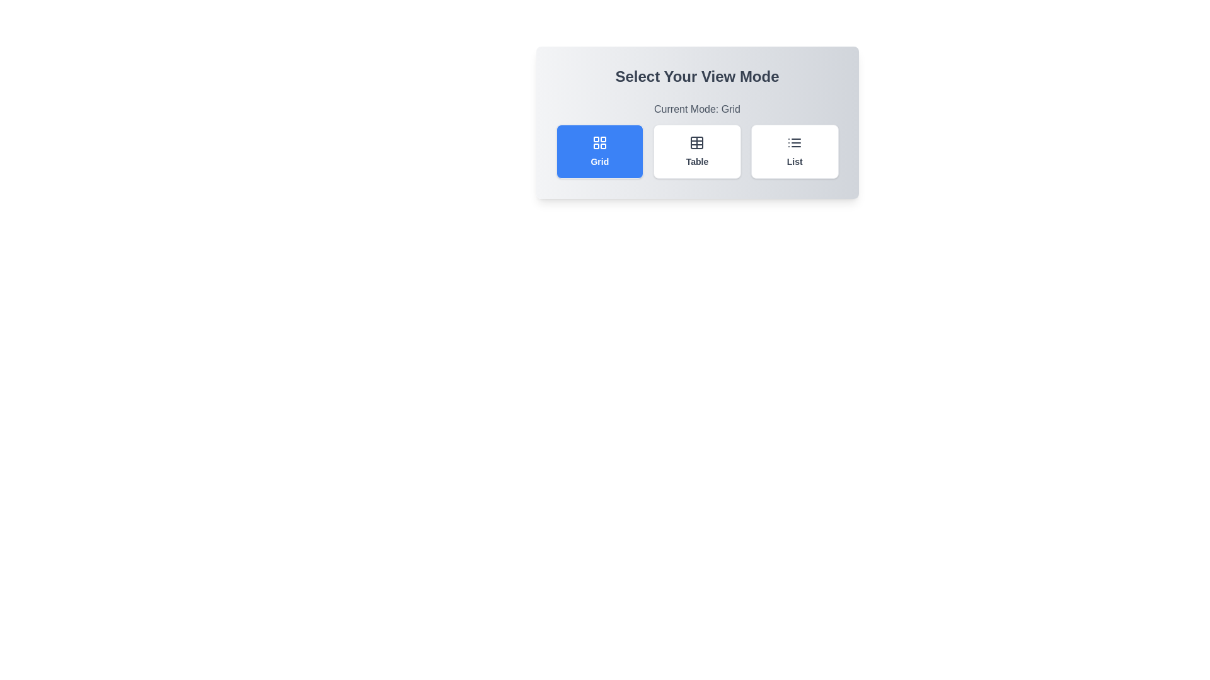  I want to click on static text label displaying the currently selected mode, which is located to the right of 'Current Mode:' and shows 'Grid', so click(730, 108).